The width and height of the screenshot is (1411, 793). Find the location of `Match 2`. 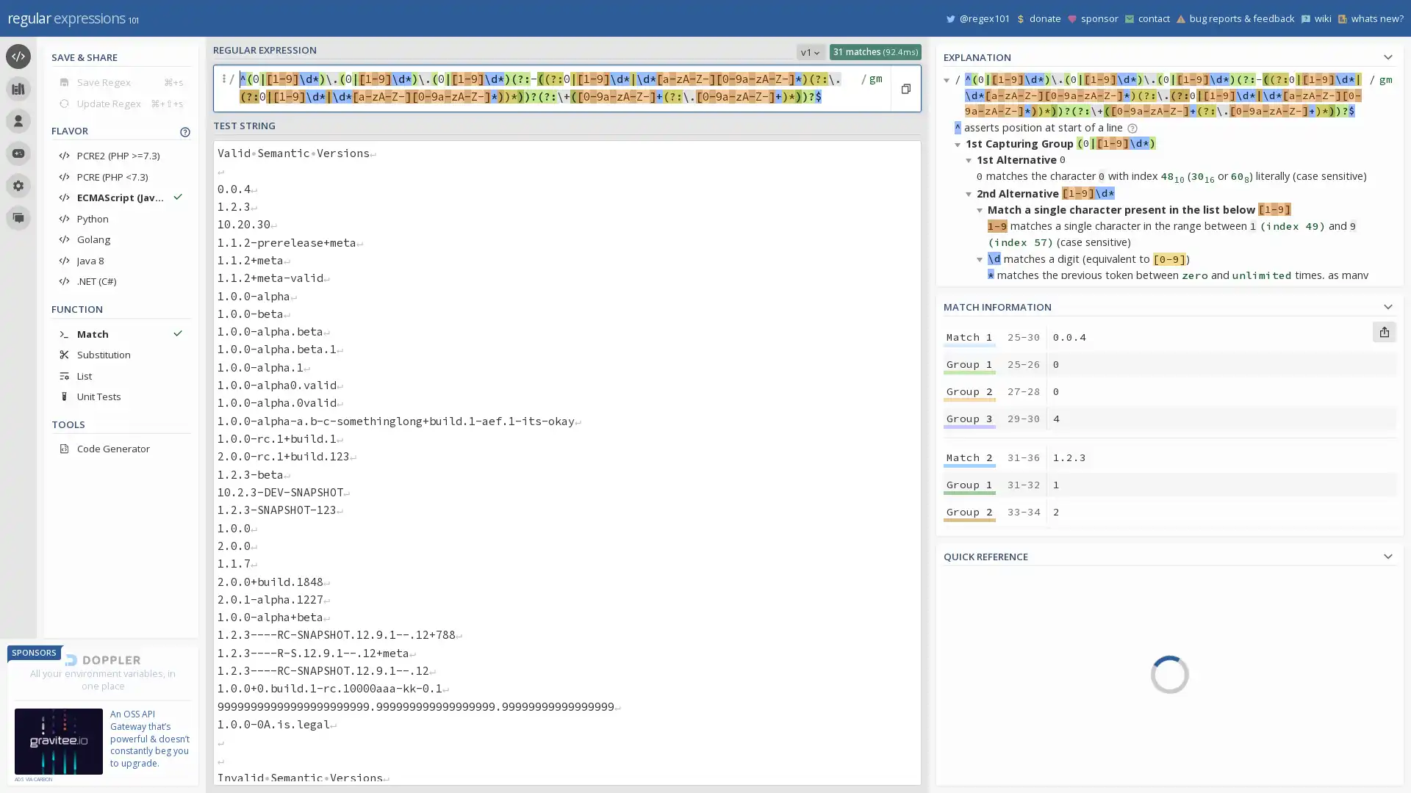

Match 2 is located at coordinates (969, 457).